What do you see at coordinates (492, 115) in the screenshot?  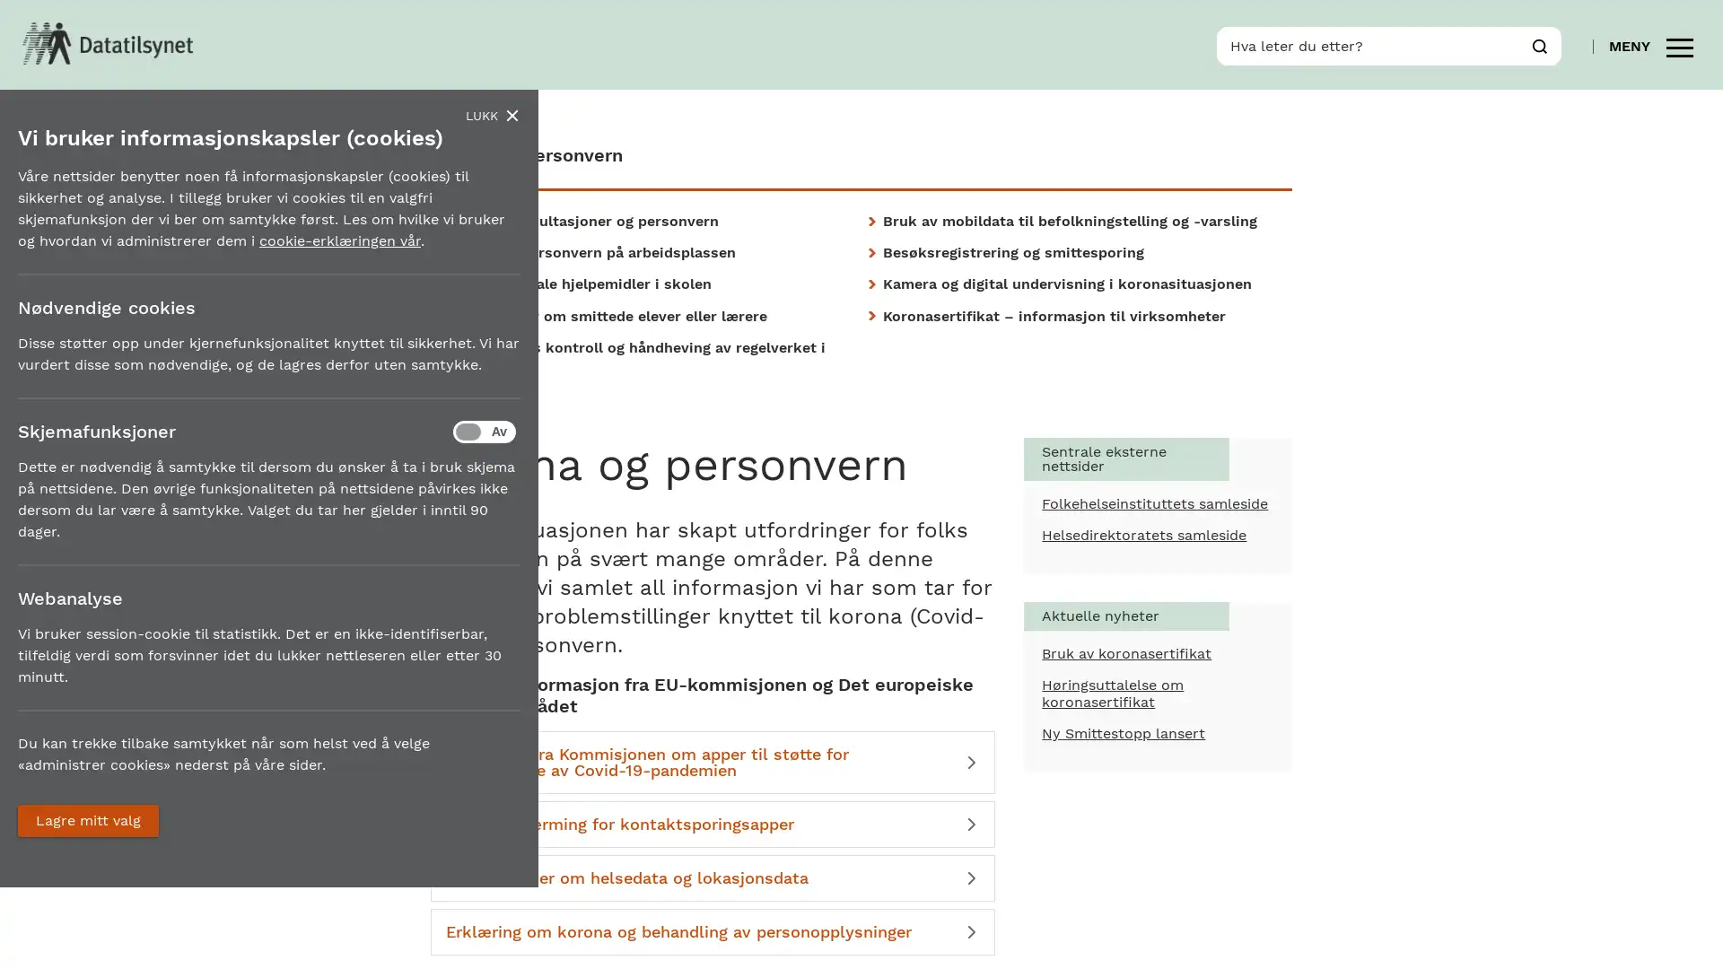 I see `LUKK` at bounding box center [492, 115].